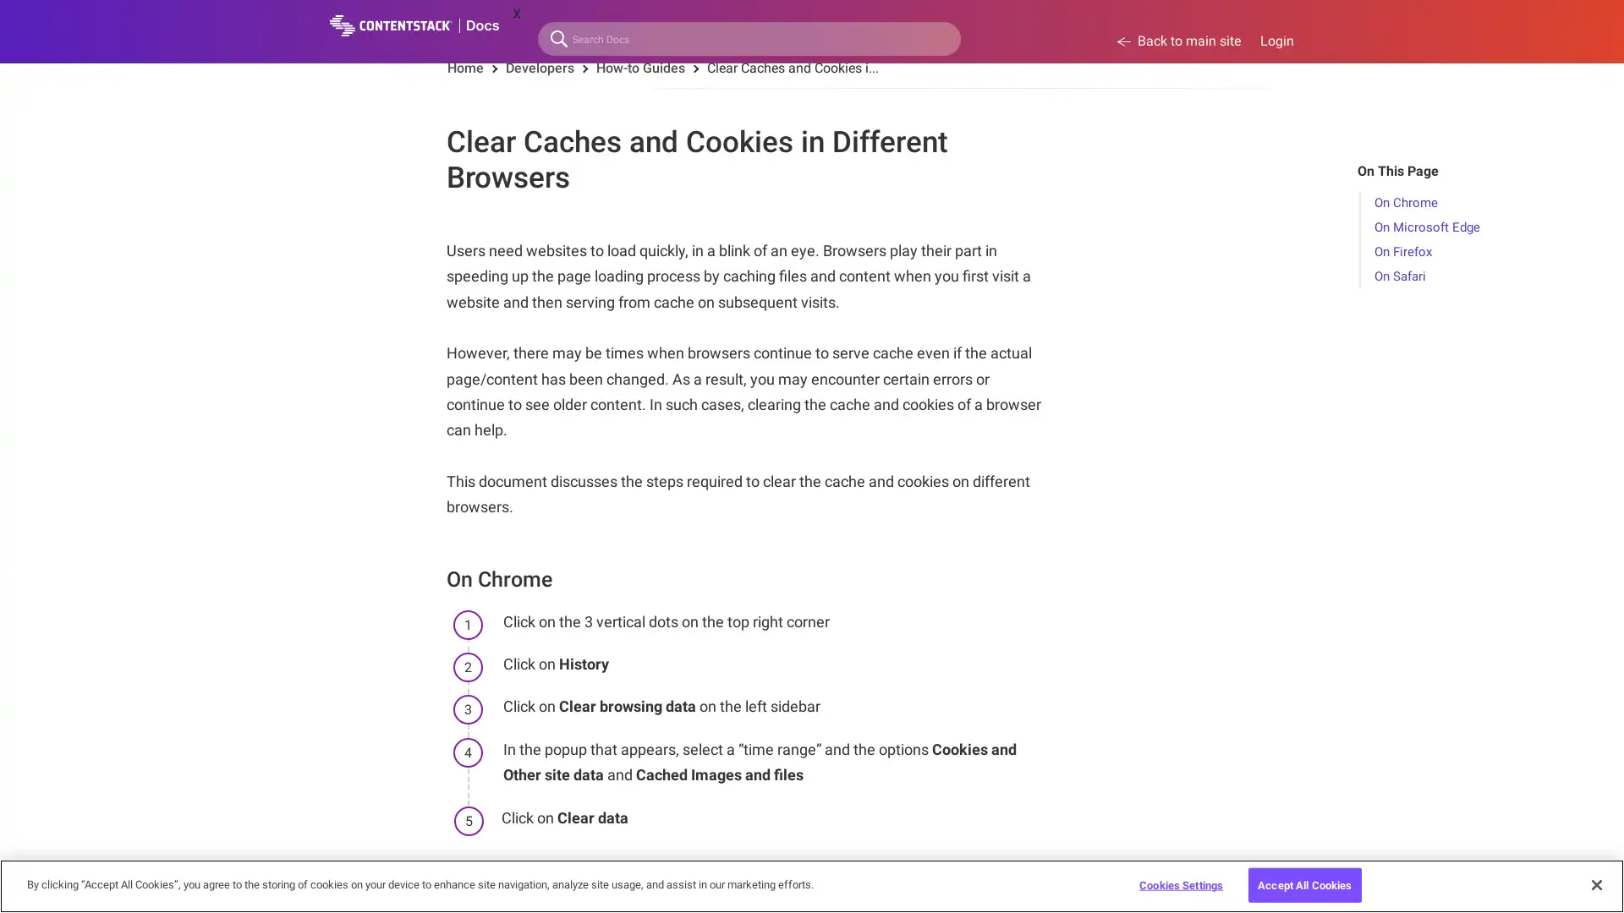 The width and height of the screenshot is (1624, 913). What do you see at coordinates (1303, 883) in the screenshot?
I see `Accept All Cookies` at bounding box center [1303, 883].